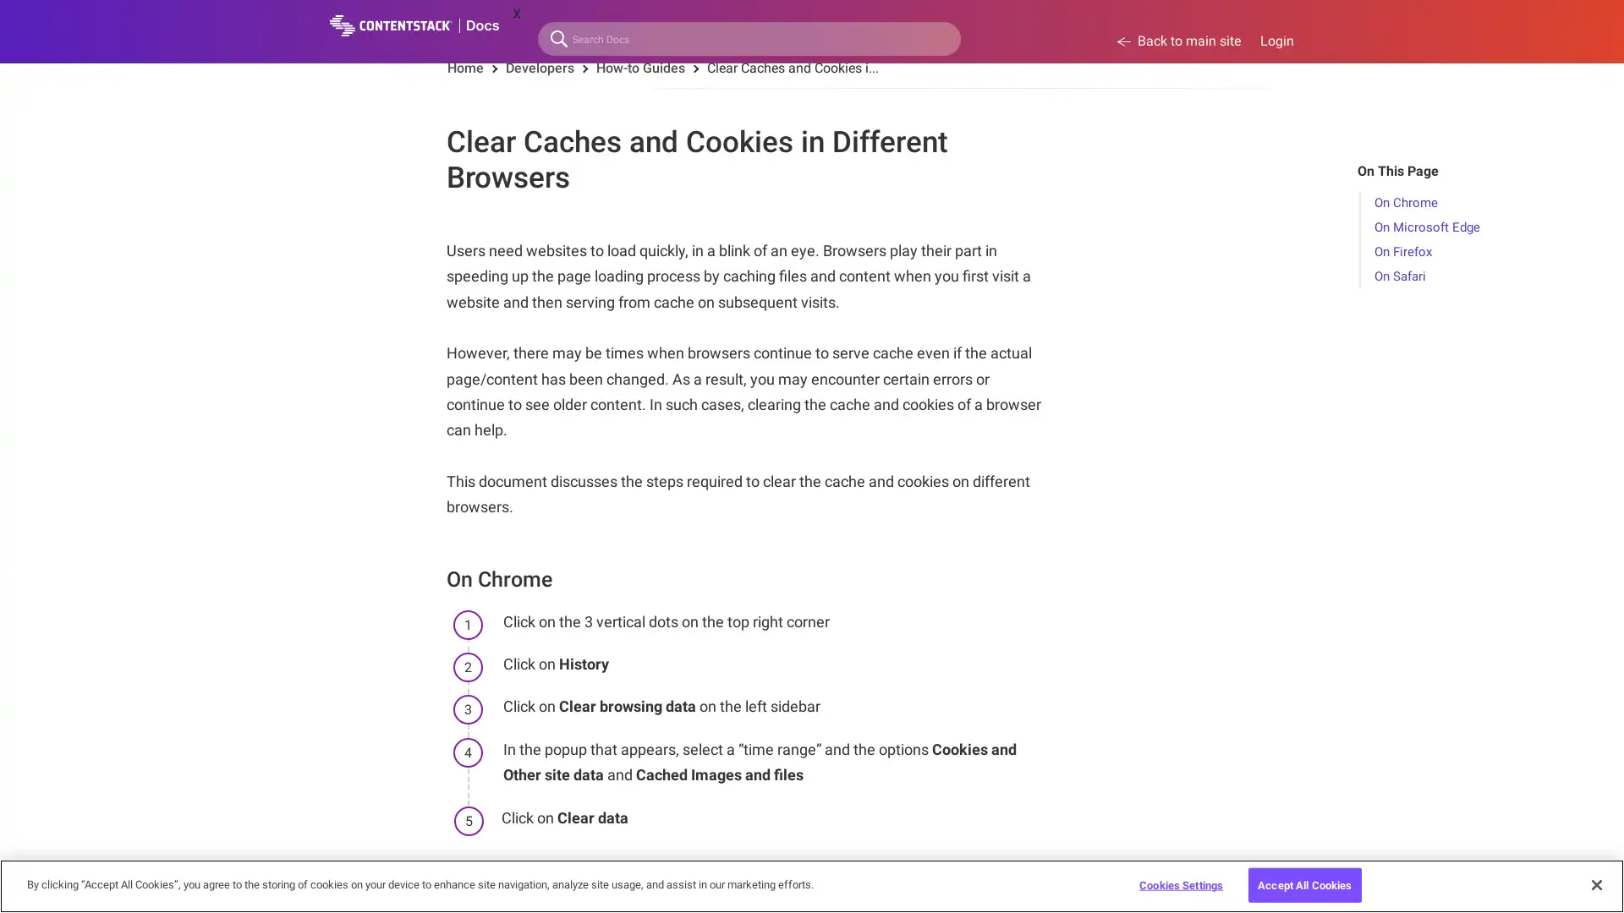 The width and height of the screenshot is (1624, 913). What do you see at coordinates (1303, 883) in the screenshot?
I see `Accept All Cookies` at bounding box center [1303, 883].